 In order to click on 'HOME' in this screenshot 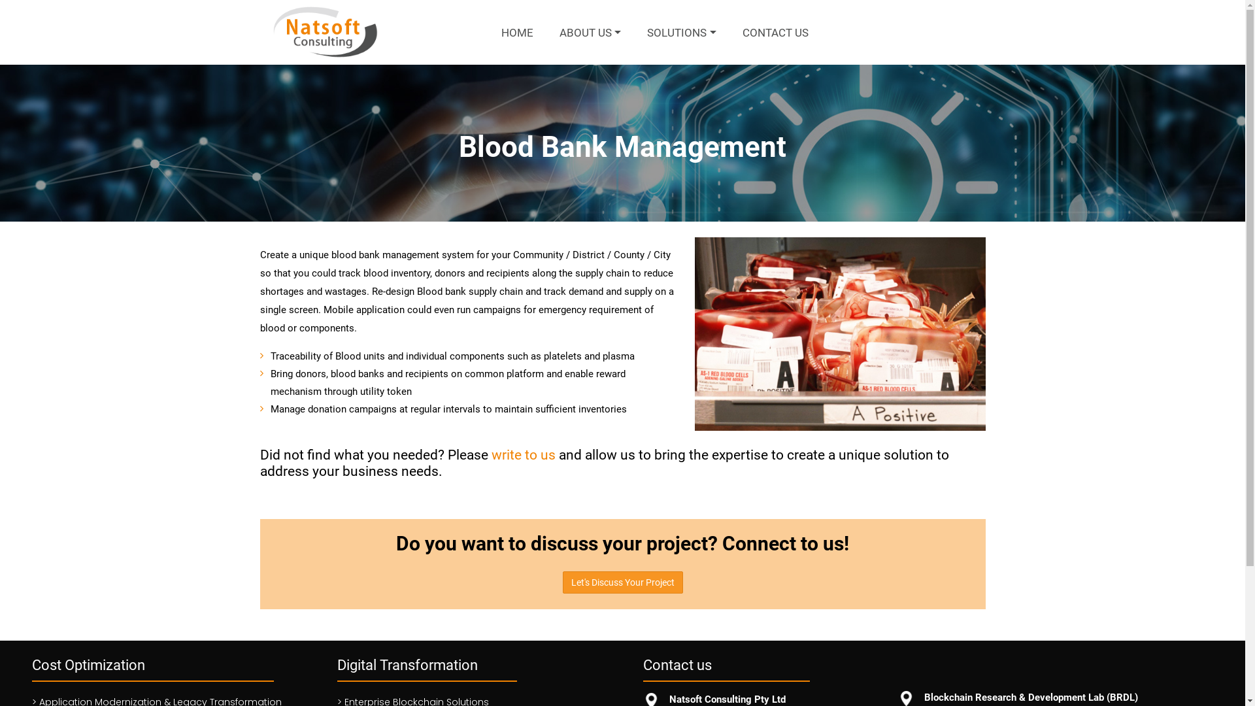, I will do `click(516, 32)`.